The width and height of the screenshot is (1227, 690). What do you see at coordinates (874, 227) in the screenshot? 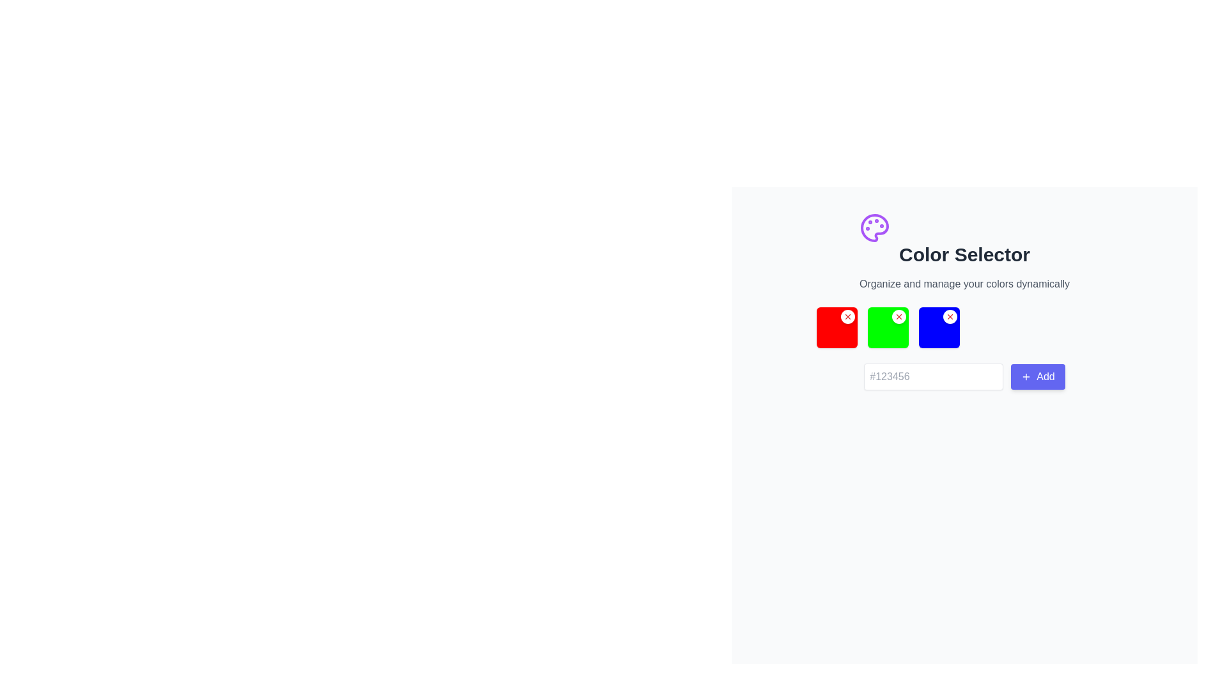
I see `the 'Color Selector' icon, which is the topmost feature of the 'Color Selector' group, indicating its focus on color management` at bounding box center [874, 227].